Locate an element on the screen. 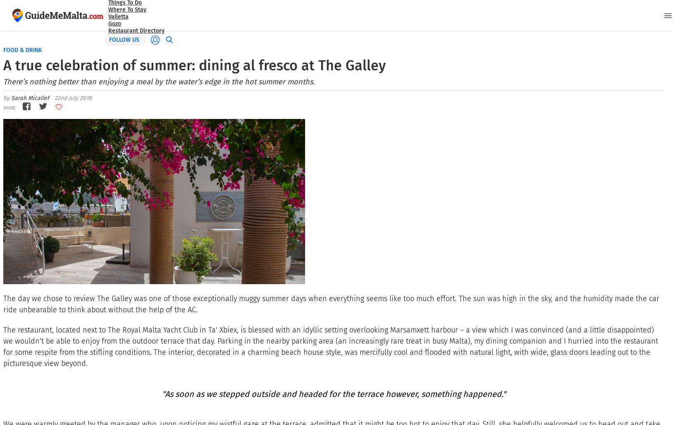  'SEARCH' is located at coordinates (25, 23).